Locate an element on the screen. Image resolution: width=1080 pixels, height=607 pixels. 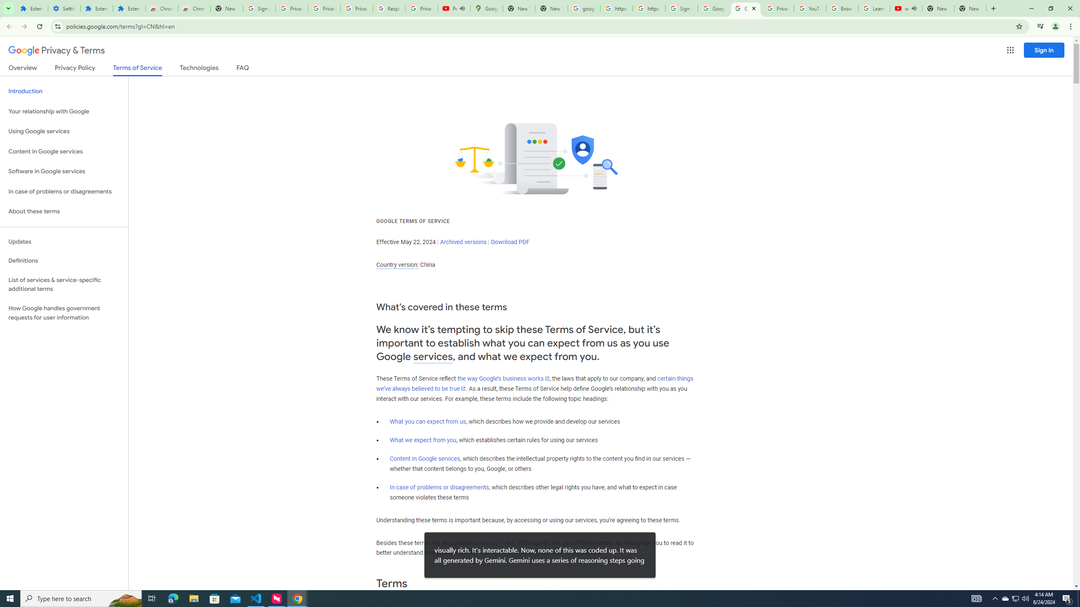
'Browse Chrome as a guest - Computer - Google Chrome Help' is located at coordinates (841, 8).